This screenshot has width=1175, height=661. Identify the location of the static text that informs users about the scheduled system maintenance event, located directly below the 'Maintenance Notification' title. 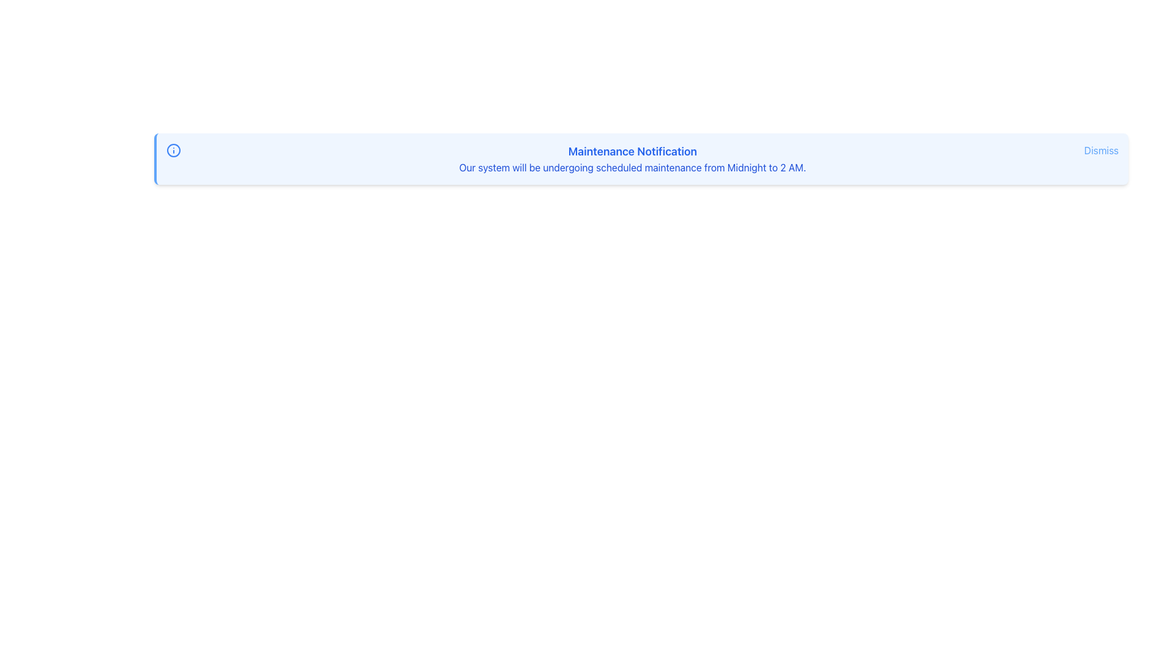
(632, 167).